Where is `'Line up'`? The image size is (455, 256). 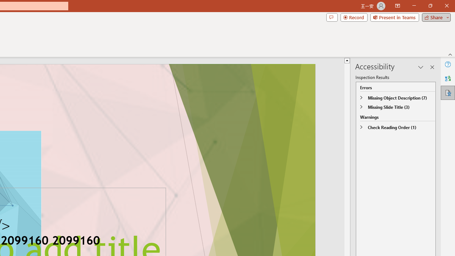
'Line up' is located at coordinates (347, 60).